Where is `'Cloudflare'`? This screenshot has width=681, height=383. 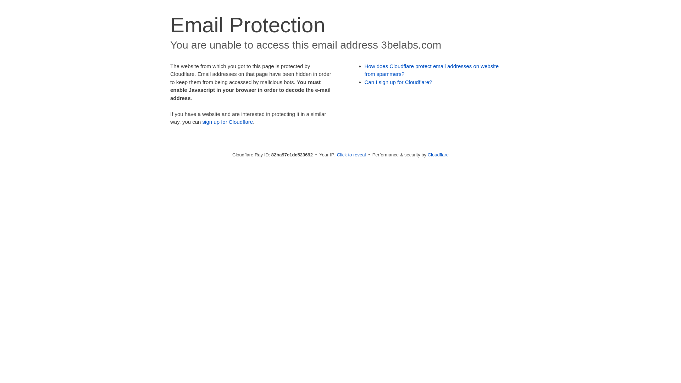 'Cloudflare' is located at coordinates (427, 154).